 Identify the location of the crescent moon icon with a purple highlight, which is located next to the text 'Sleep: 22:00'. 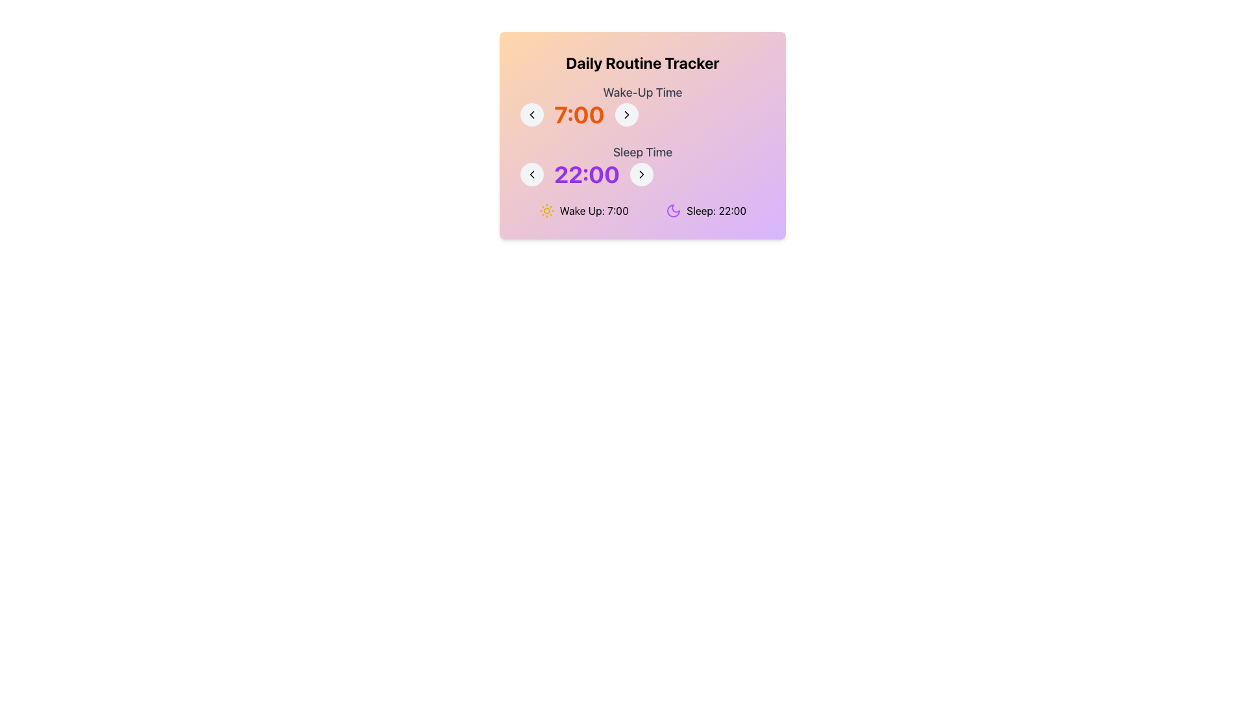
(674, 210).